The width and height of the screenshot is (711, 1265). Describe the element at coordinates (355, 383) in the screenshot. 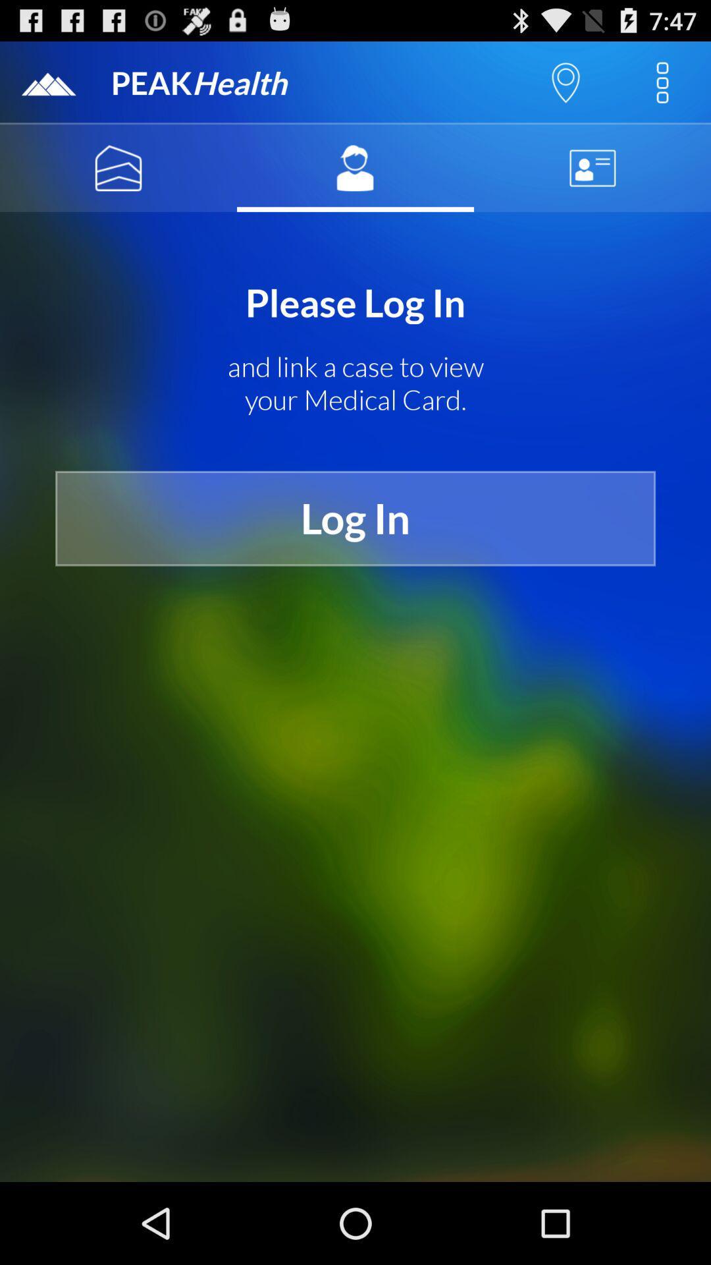

I see `the item below please log in icon` at that location.